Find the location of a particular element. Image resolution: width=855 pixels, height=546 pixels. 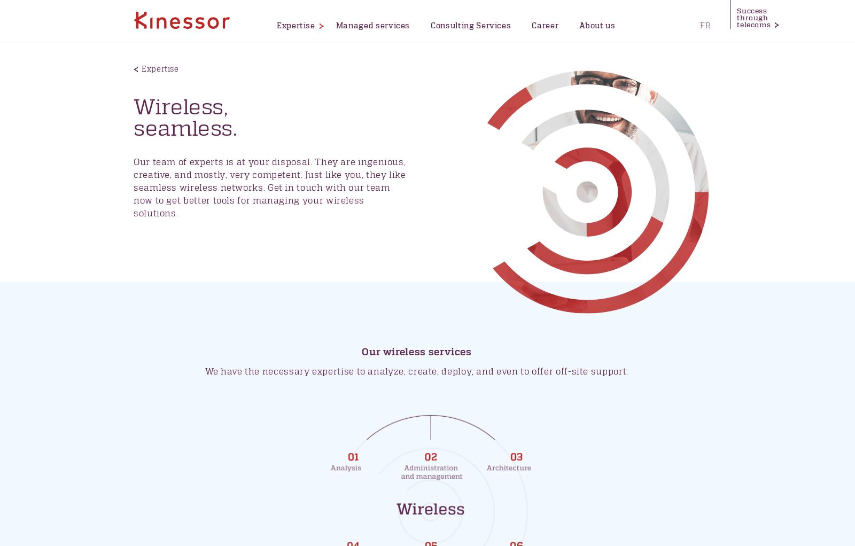

'Success' is located at coordinates (752, 11).